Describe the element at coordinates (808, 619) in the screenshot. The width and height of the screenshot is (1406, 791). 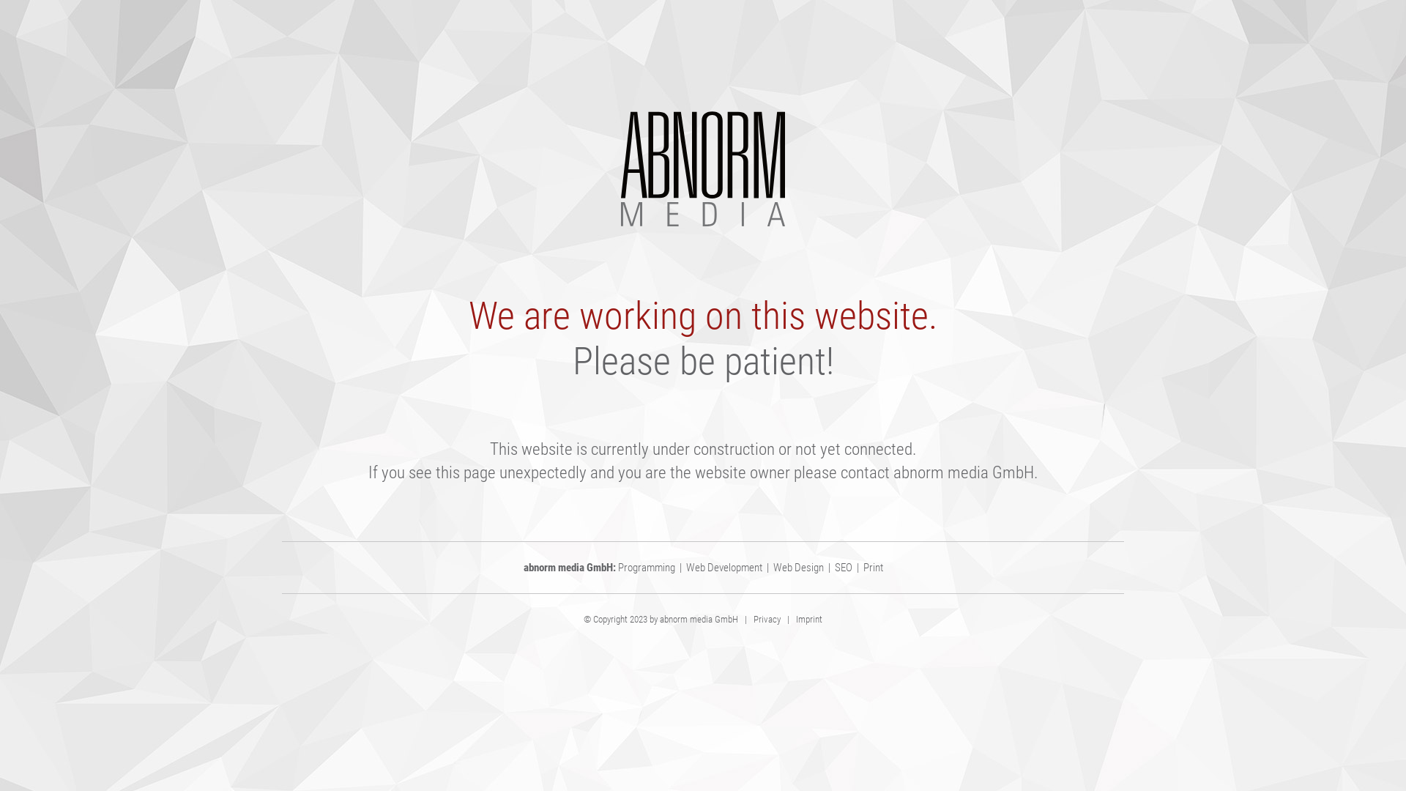
I see `'Imprint'` at that location.